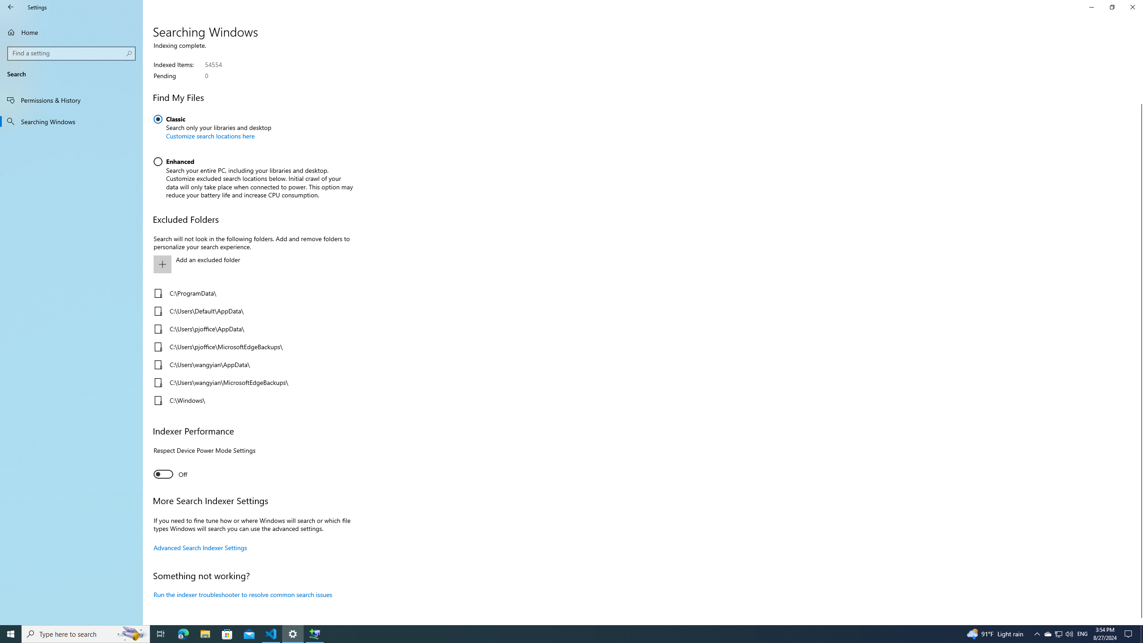  What do you see at coordinates (71, 53) in the screenshot?
I see `'Search box, Find a setting'` at bounding box center [71, 53].